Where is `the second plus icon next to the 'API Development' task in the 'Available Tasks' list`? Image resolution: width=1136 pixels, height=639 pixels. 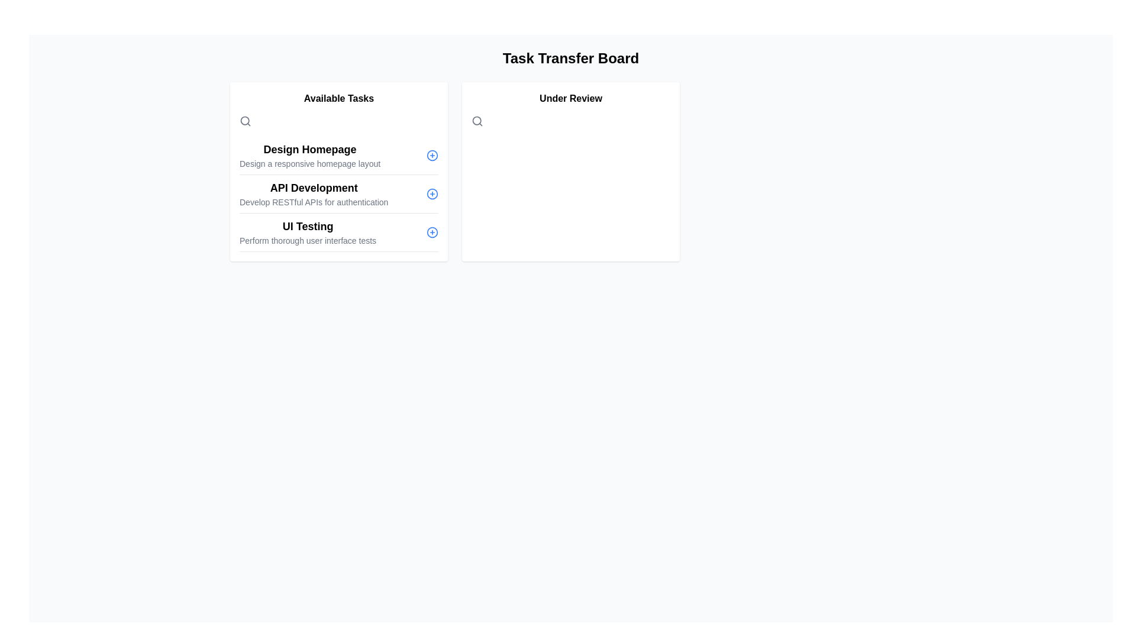 the second plus icon next to the 'API Development' task in the 'Available Tasks' list is located at coordinates (431, 193).